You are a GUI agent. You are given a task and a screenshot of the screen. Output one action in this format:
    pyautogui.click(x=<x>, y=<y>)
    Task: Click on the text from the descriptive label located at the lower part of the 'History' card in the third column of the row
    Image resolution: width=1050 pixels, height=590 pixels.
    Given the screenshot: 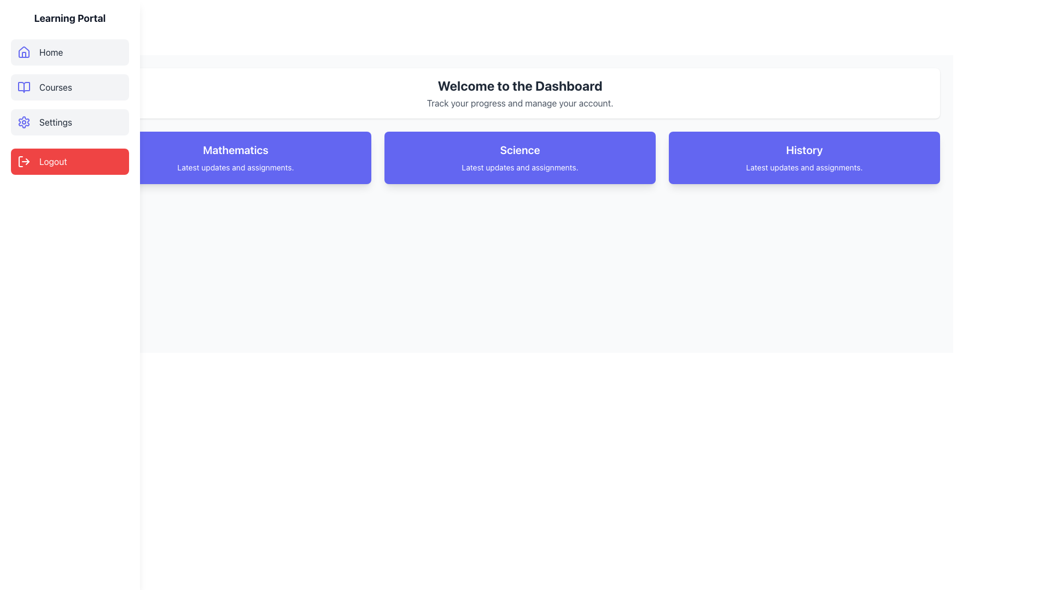 What is the action you would take?
    pyautogui.click(x=804, y=168)
    